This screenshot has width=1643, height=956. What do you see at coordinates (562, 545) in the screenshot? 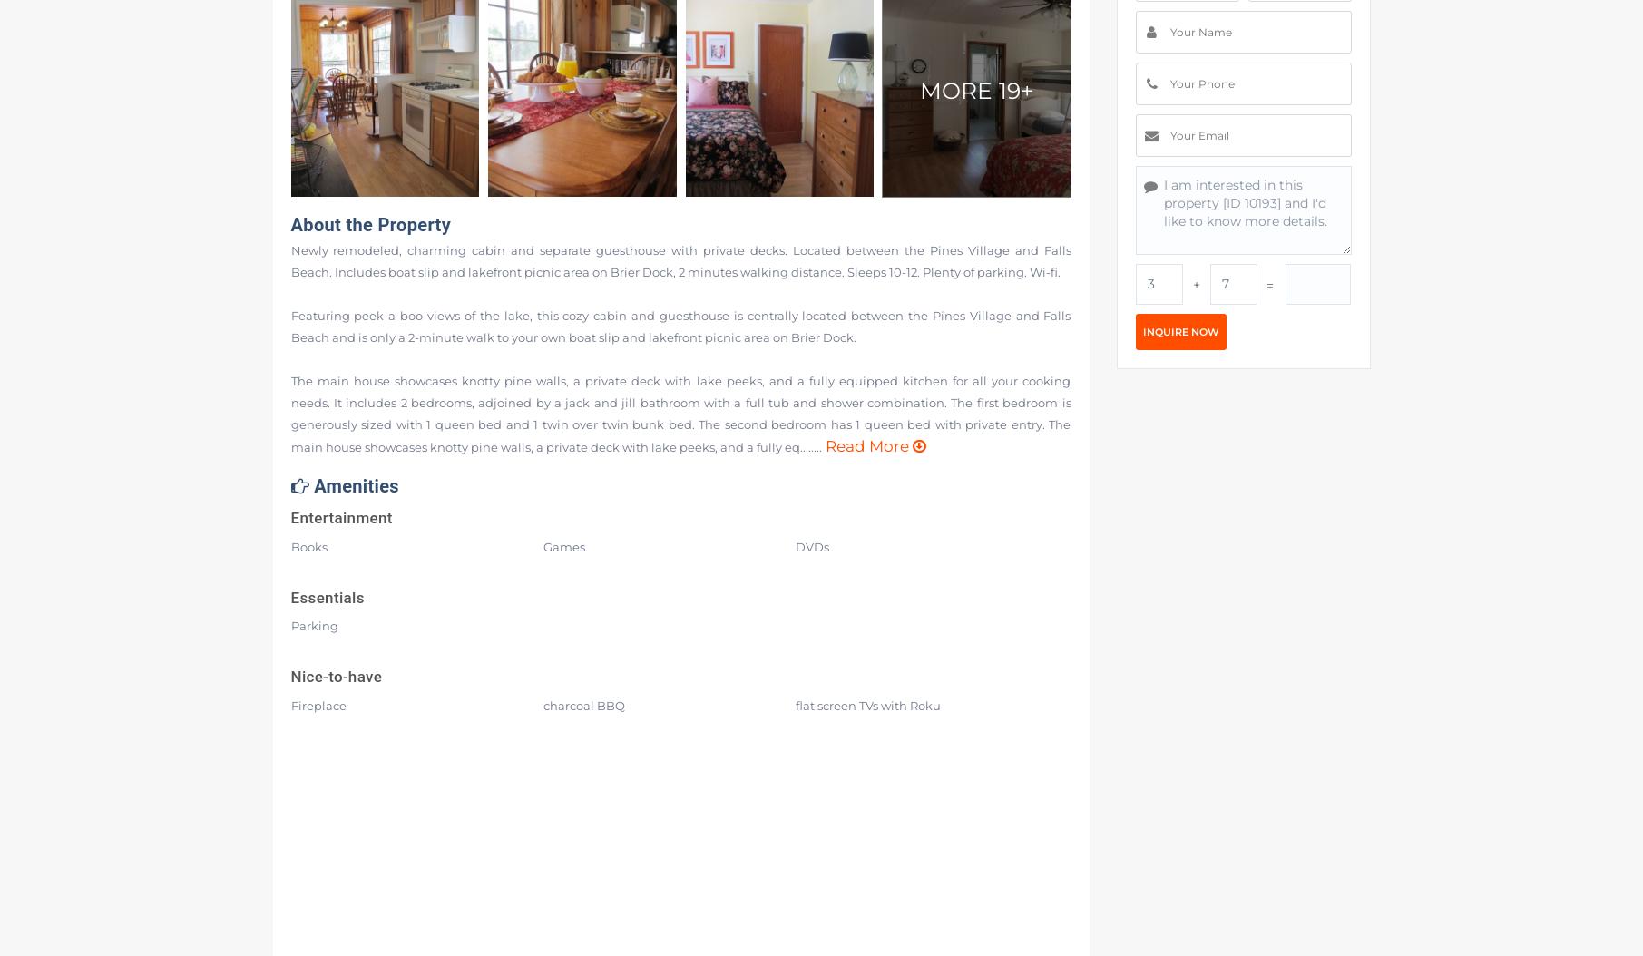
I see `'Games'` at bounding box center [562, 545].